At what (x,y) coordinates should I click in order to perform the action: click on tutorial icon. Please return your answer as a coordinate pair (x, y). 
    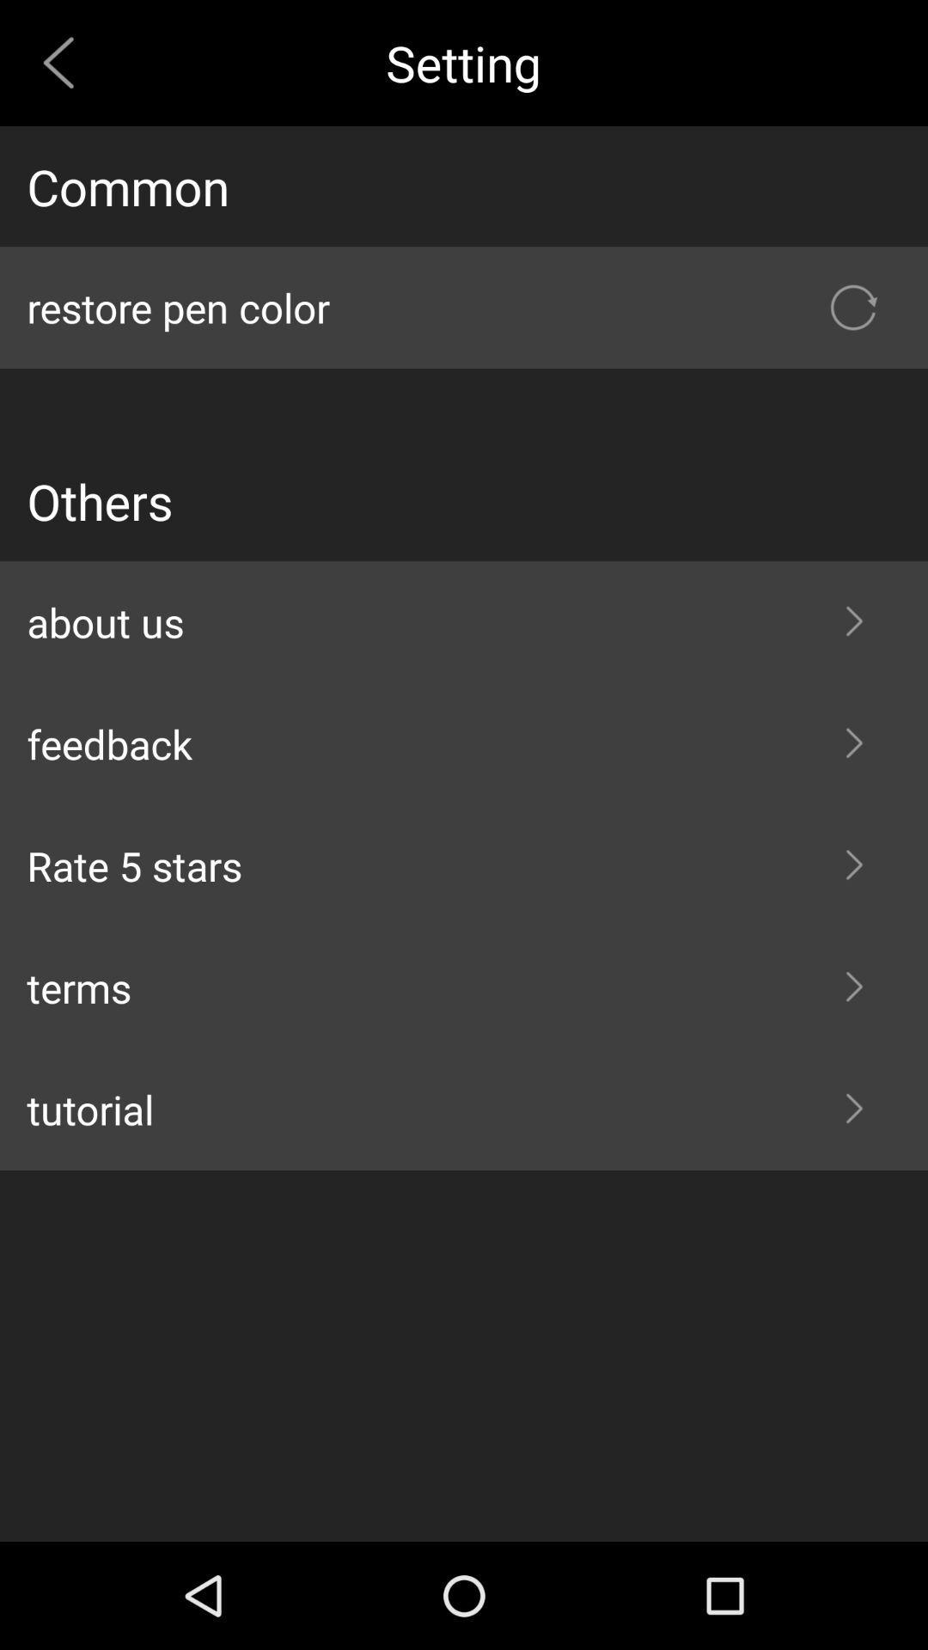
    Looking at the image, I should click on (464, 1109).